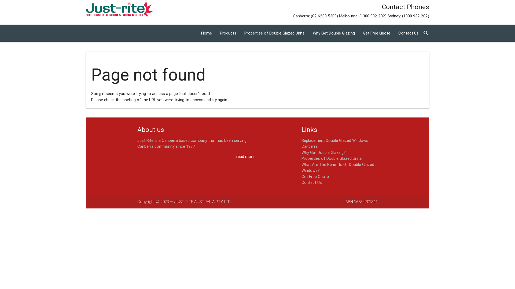 This screenshot has height=289, width=515. What do you see at coordinates (337, 167) in the screenshot?
I see `'What Are The Benefits Of Double Glazed Windows?'` at bounding box center [337, 167].